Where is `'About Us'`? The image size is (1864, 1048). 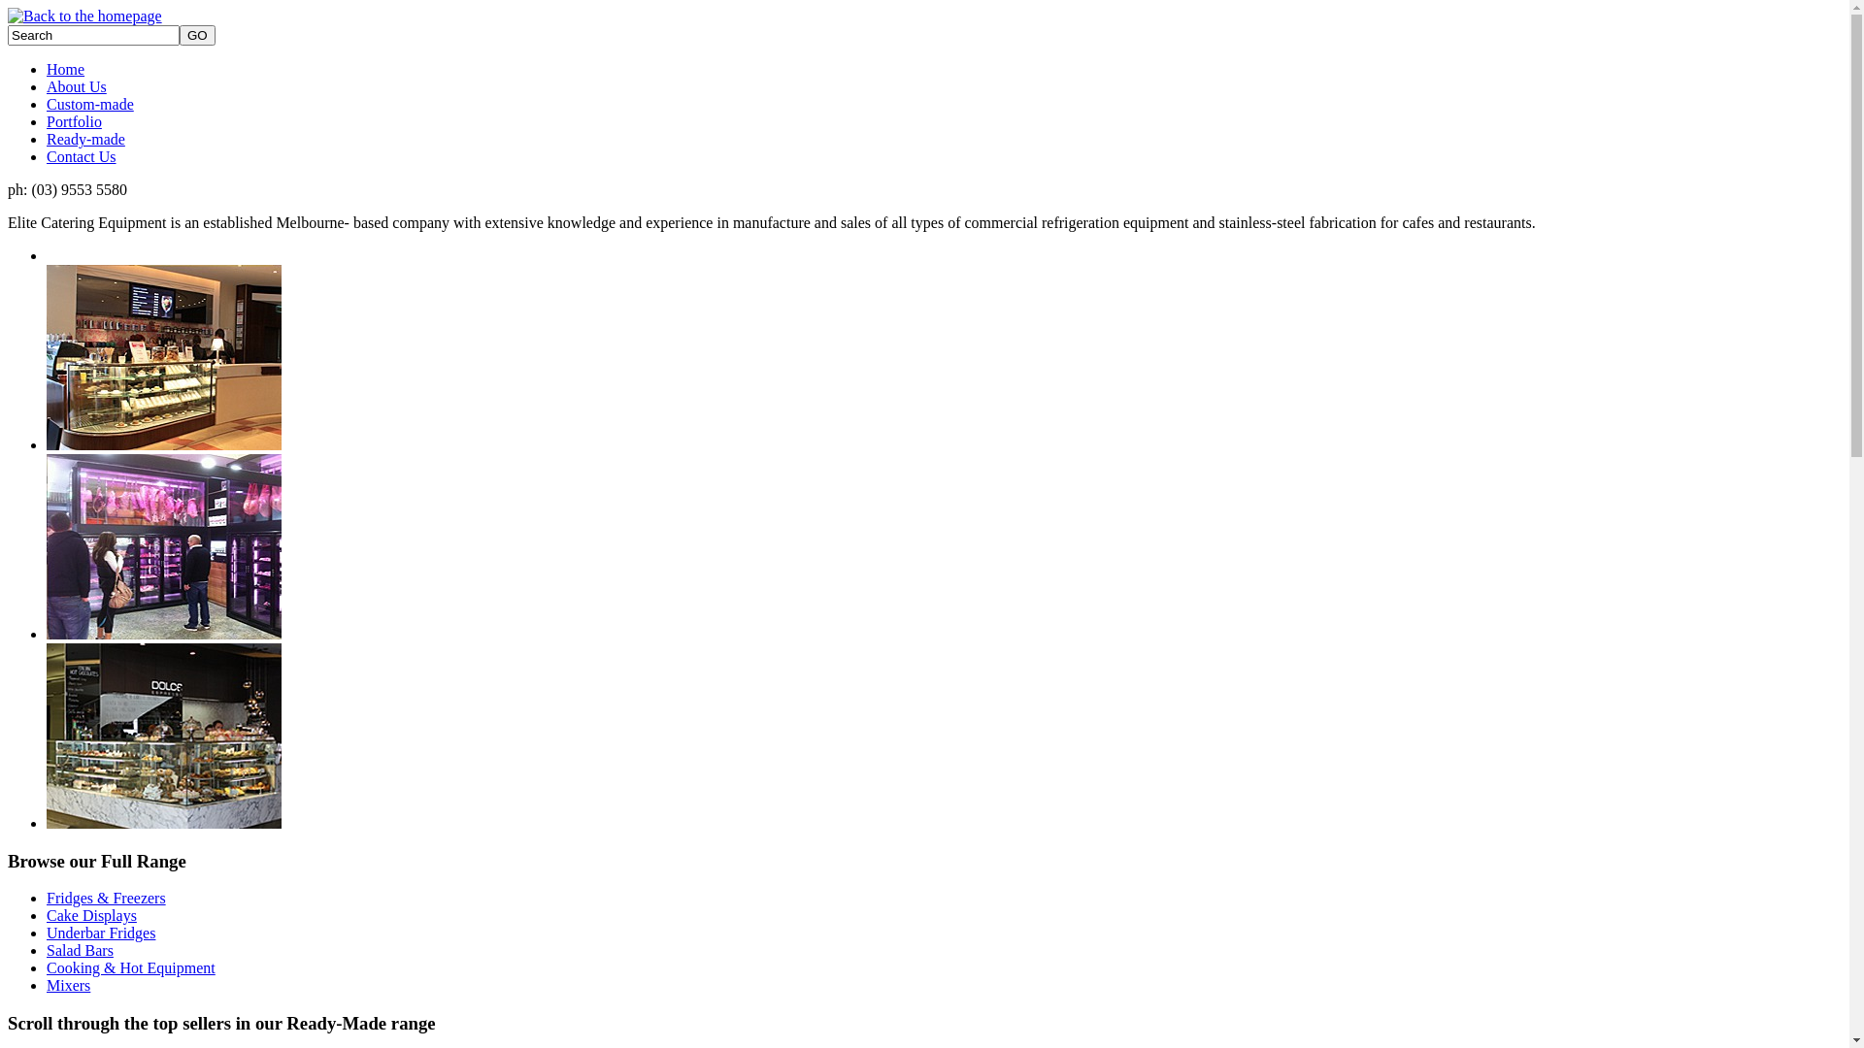
'About Us' is located at coordinates (47, 85).